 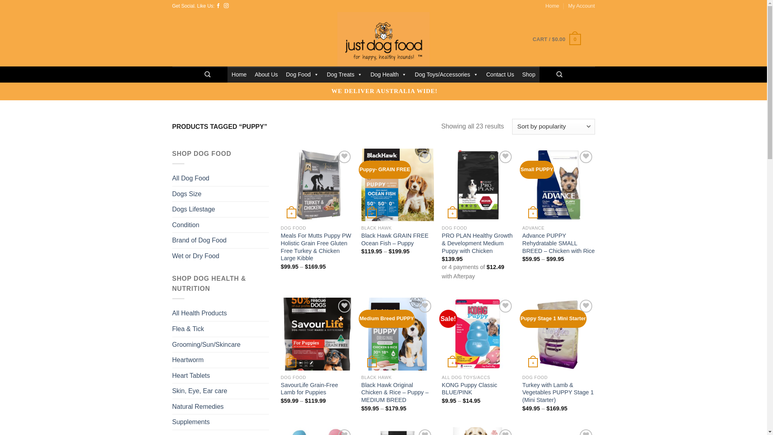 I want to click on 'Supplements', so click(x=190, y=422).